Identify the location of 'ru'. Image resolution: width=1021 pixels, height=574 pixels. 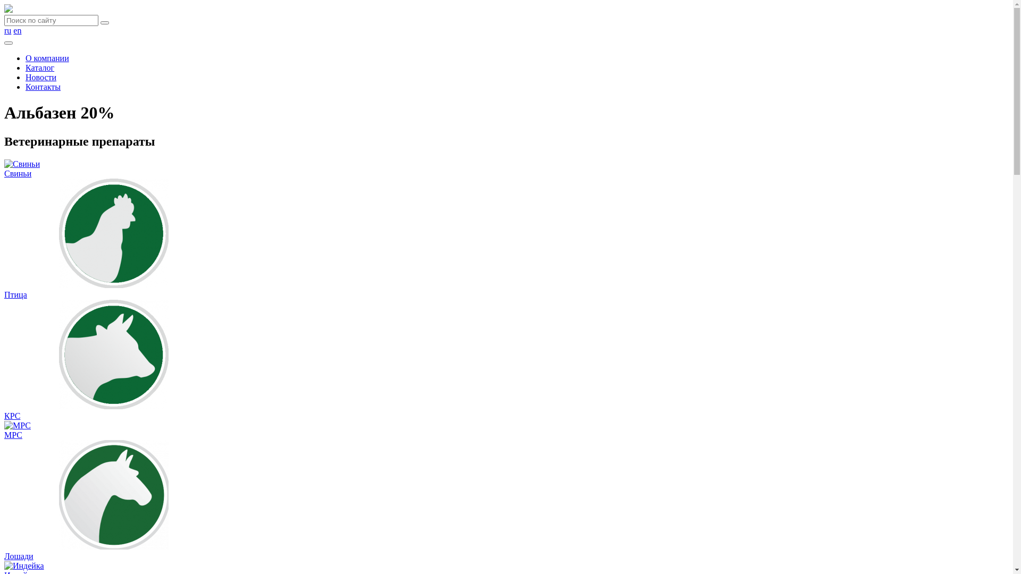
(7, 30).